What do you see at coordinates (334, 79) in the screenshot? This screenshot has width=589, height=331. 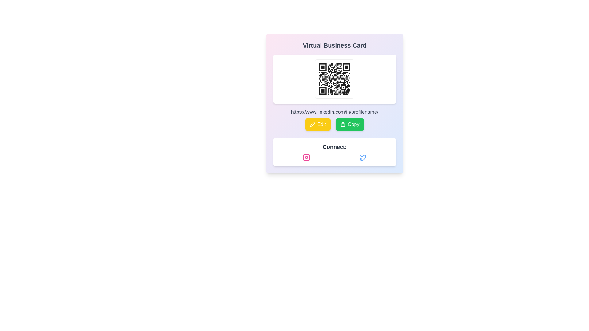 I see `the QR code displayed in a grid format, which is centrally placed near the top center of the interface, directly below the title 'Virtual Business Card'` at bounding box center [334, 79].